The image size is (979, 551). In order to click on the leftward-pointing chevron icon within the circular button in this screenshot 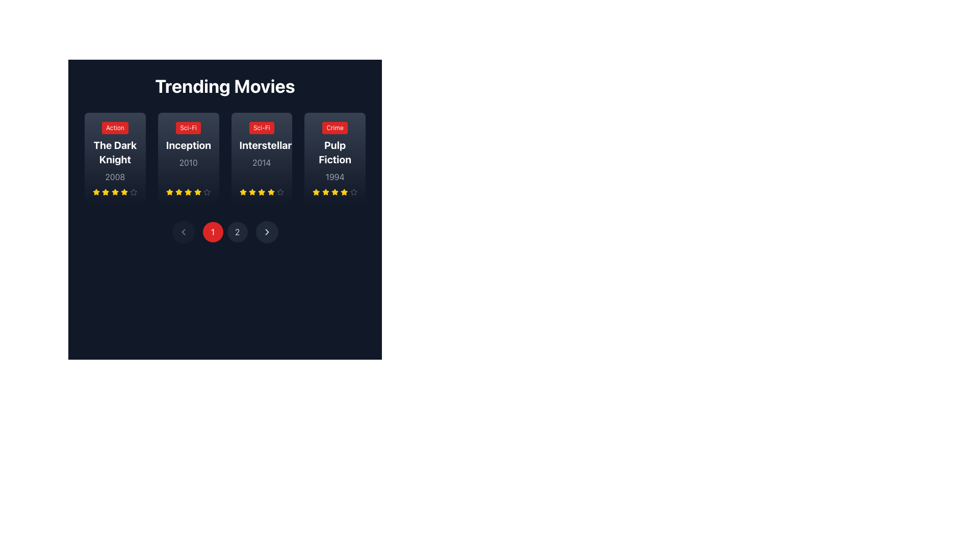, I will do `click(183, 232)`.